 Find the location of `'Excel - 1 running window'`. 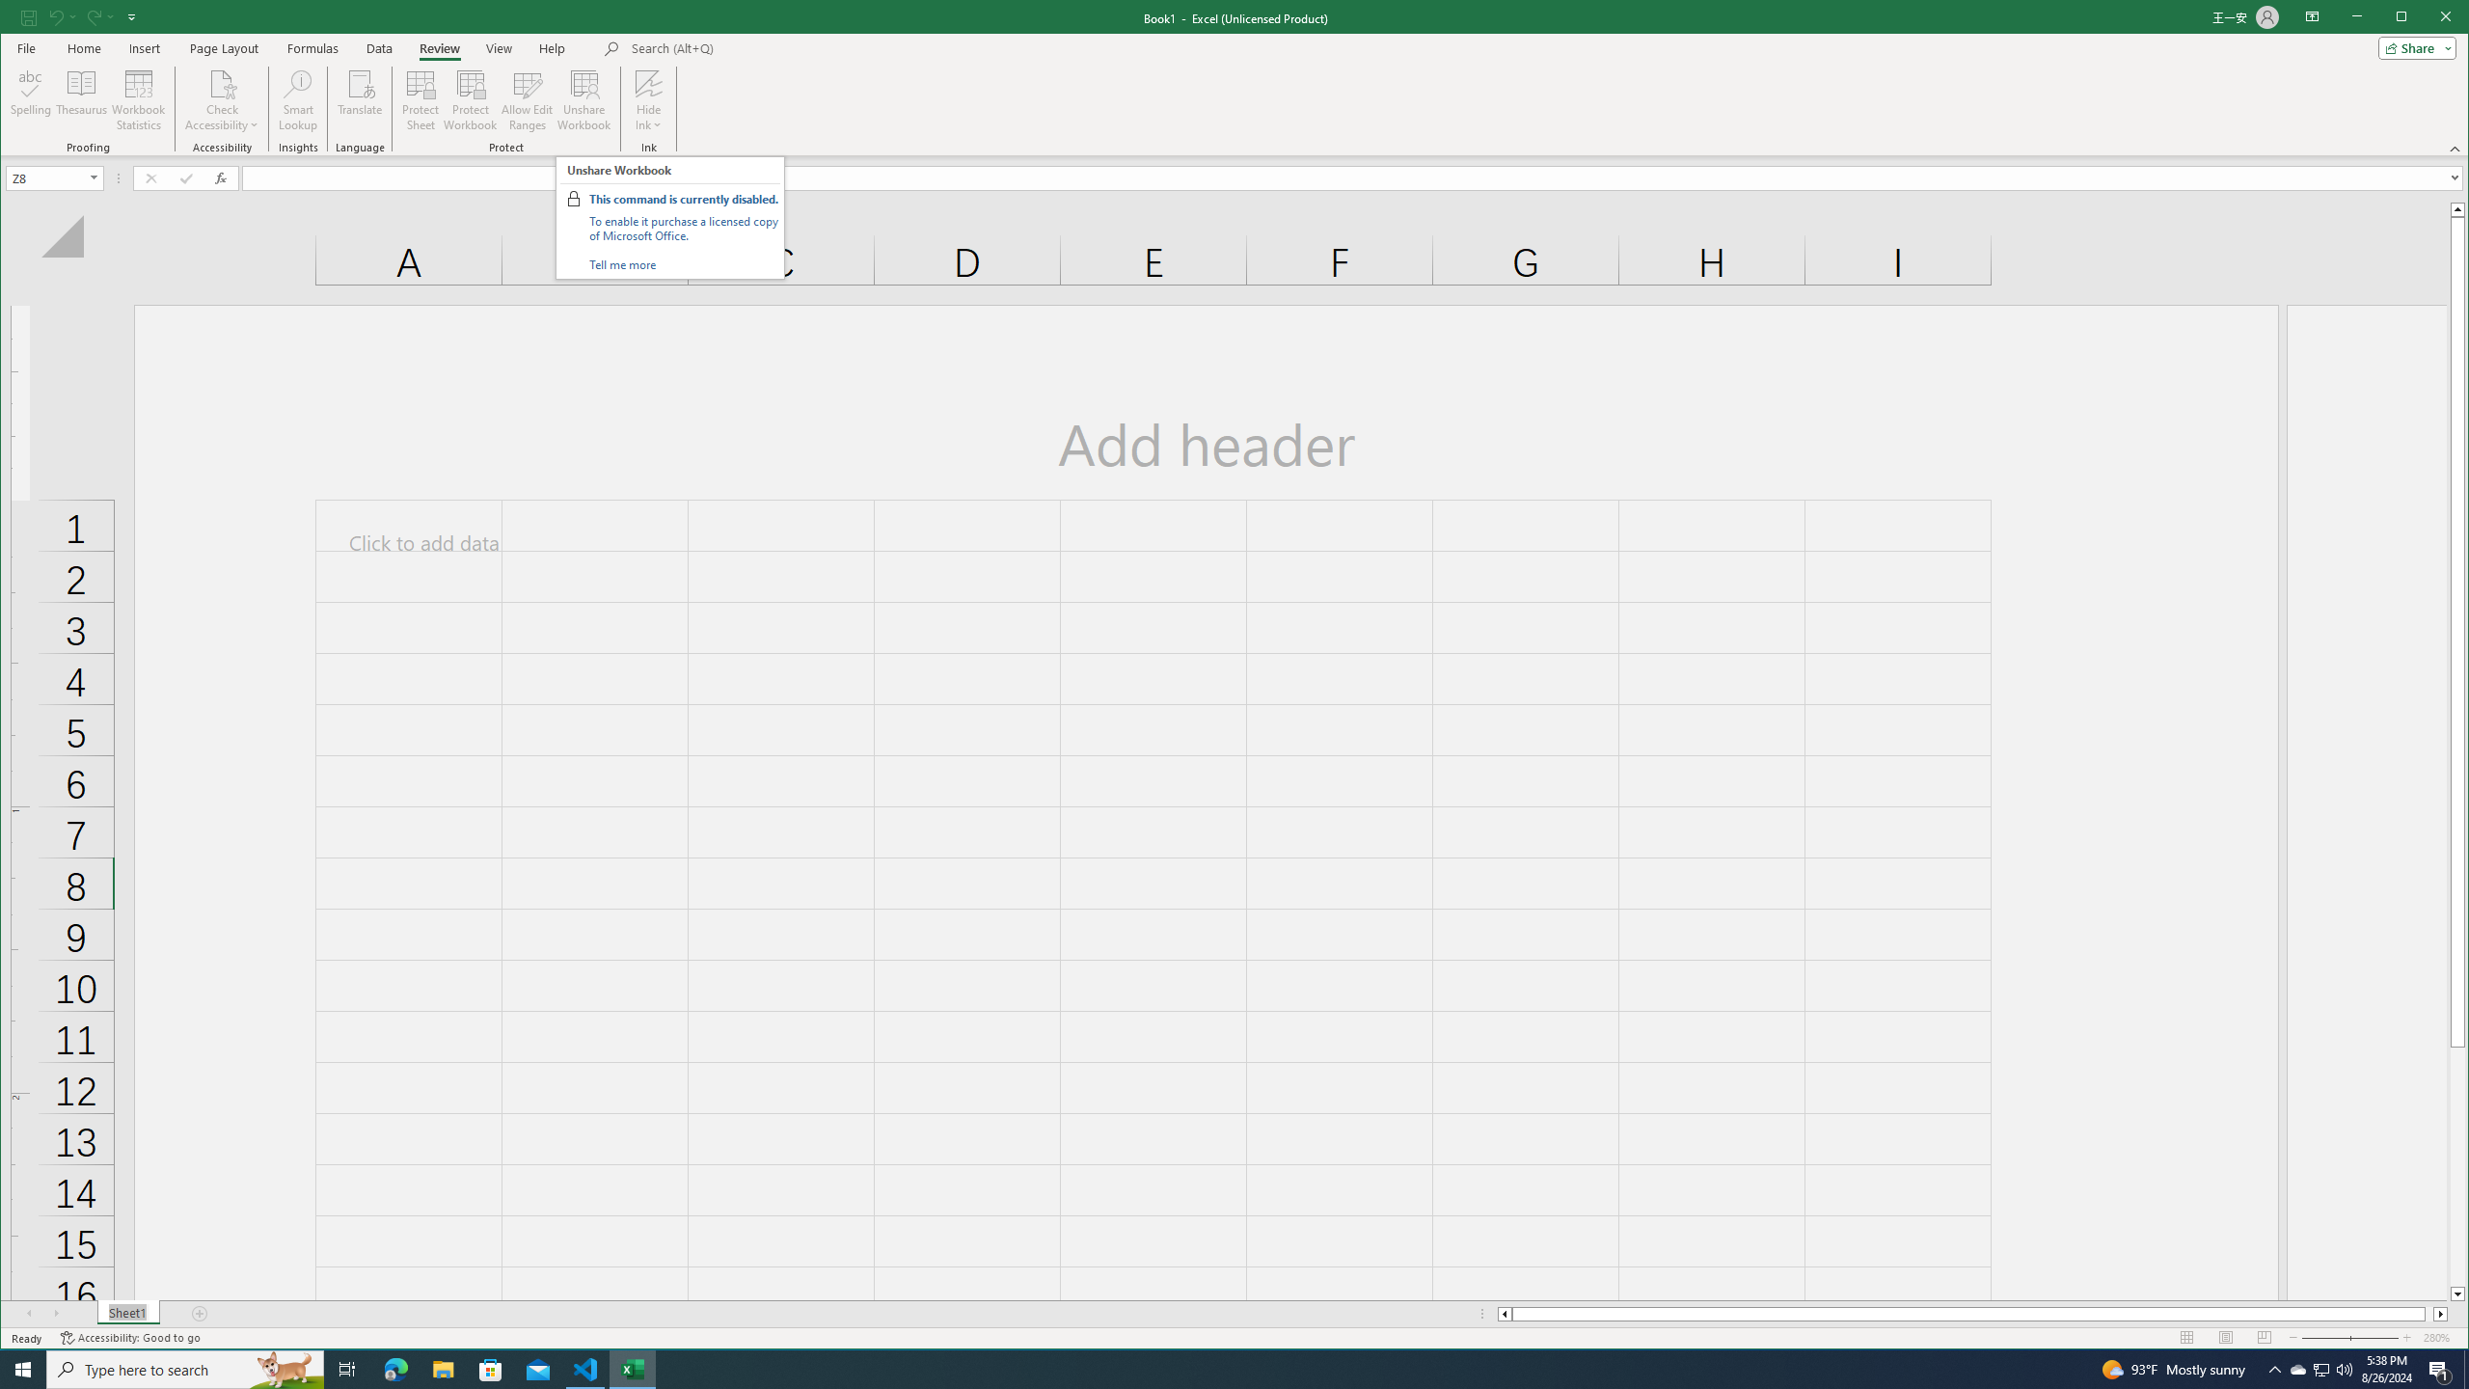

'Excel - 1 running window' is located at coordinates (633, 1368).